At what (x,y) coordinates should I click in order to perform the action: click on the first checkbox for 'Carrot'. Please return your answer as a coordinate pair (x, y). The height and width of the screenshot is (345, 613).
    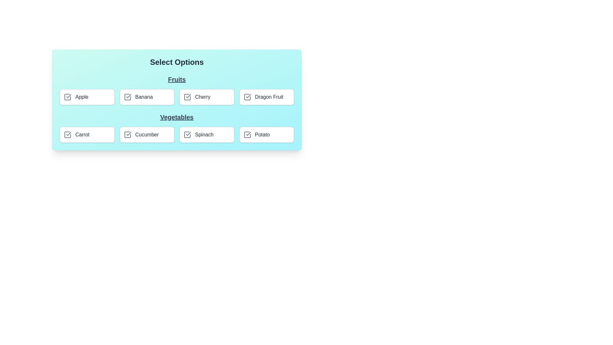
    Looking at the image, I should click on (67, 134).